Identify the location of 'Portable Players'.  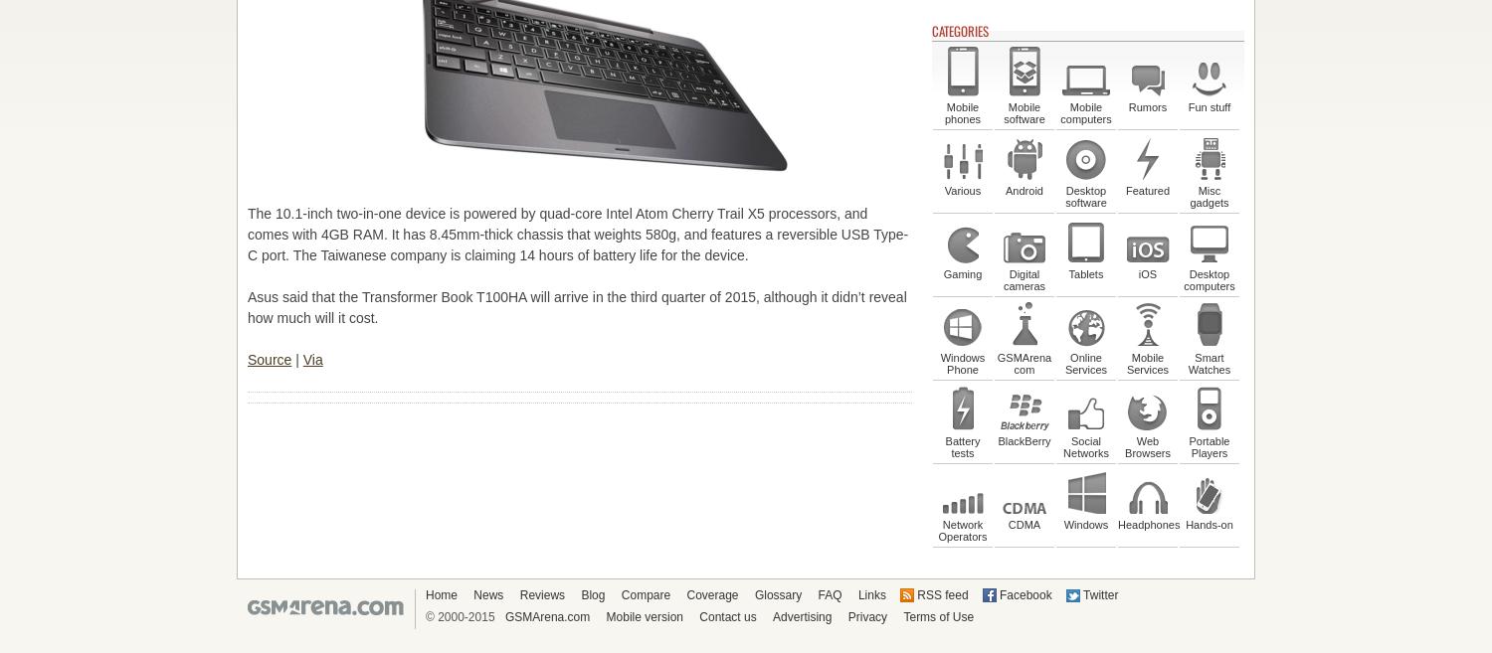
(1208, 446).